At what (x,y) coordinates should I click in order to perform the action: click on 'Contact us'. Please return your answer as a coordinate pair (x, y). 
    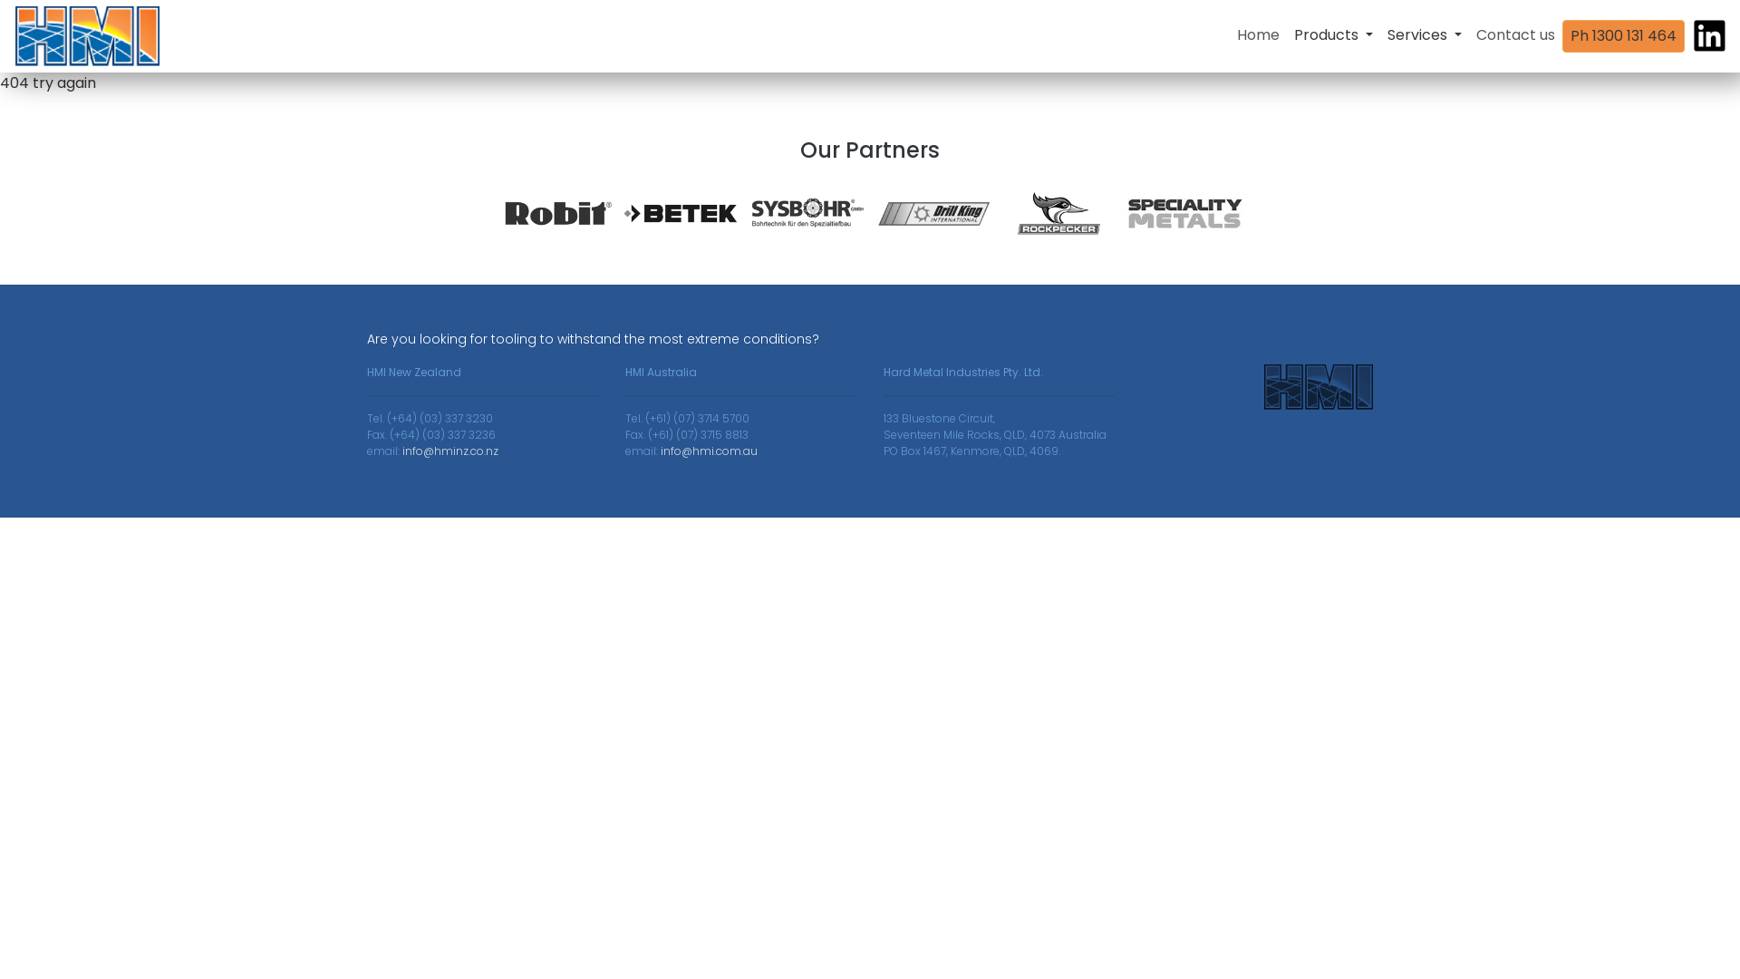
    Looking at the image, I should click on (1515, 34).